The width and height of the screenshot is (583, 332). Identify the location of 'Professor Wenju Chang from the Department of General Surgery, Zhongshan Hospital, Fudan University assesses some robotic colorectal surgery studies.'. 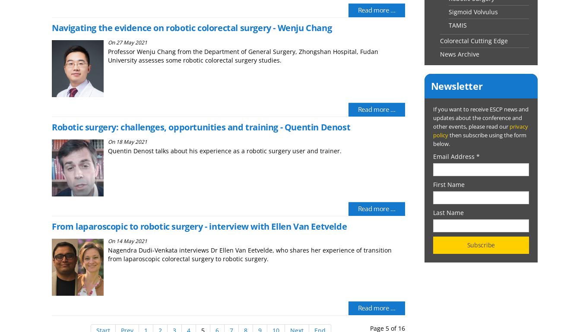
(242, 55).